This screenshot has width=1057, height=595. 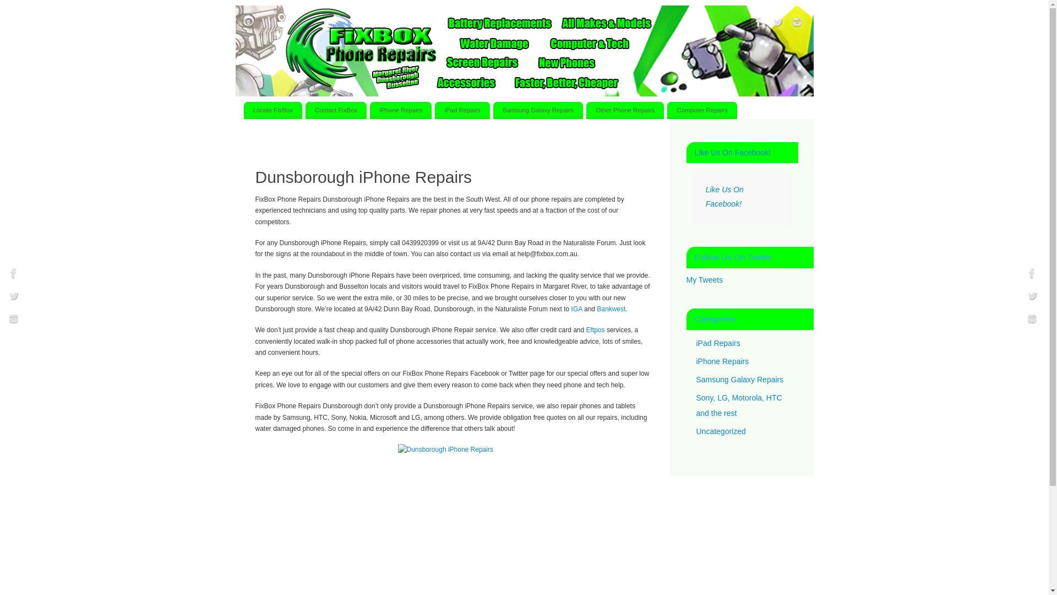 What do you see at coordinates (462, 110) in the screenshot?
I see `'iPad Repairs'` at bounding box center [462, 110].